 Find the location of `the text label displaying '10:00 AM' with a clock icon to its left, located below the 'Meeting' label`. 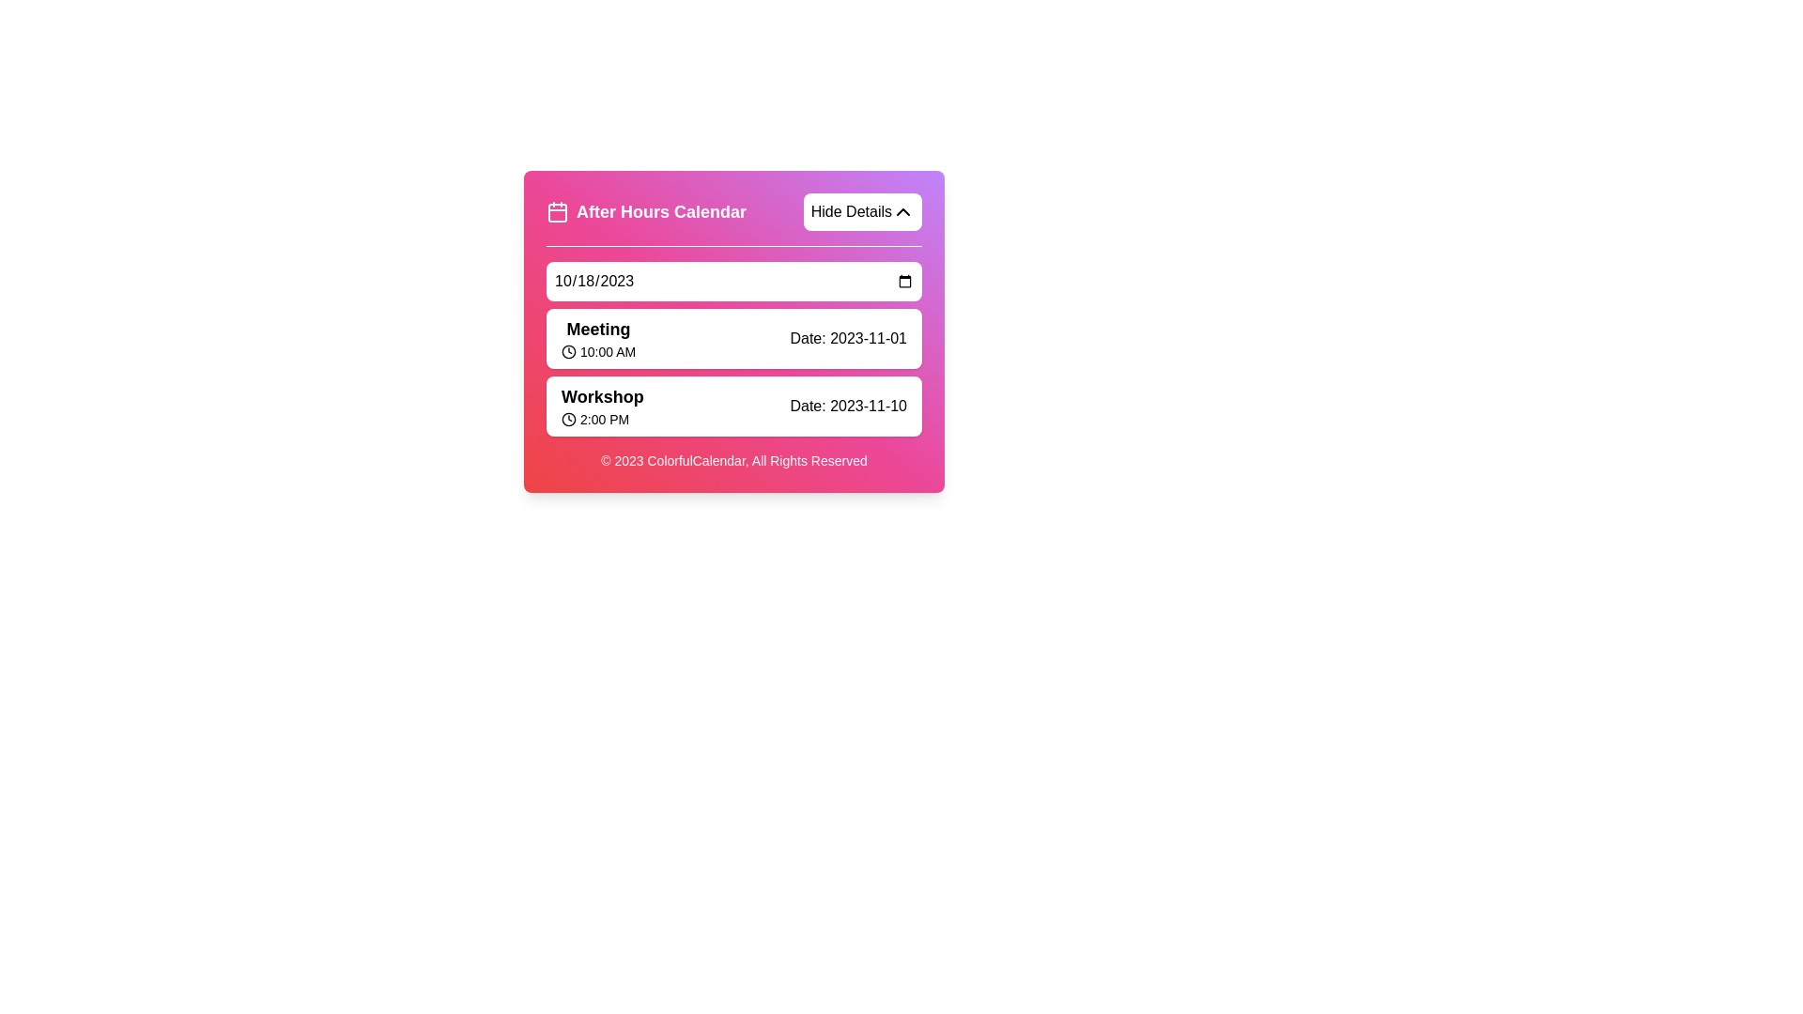

the text label displaying '10:00 AM' with a clock icon to its left, located below the 'Meeting' label is located at coordinates (597, 351).